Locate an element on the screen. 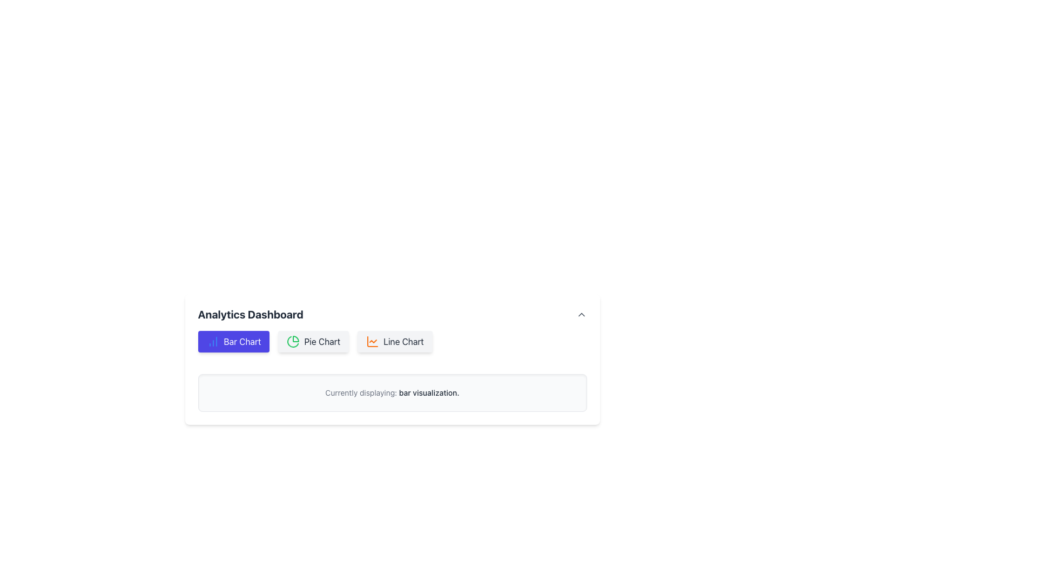  the 'Line Chart' button in the 'Analytics Dashboard' is located at coordinates (394, 341).